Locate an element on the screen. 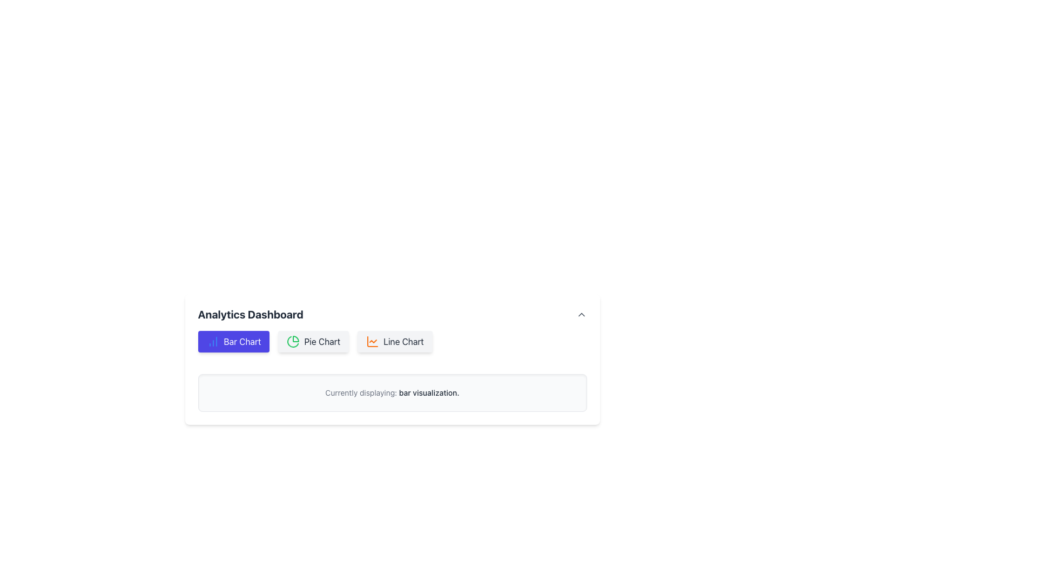  the 'Line Chart' button in the 'Analytics Dashboard' is located at coordinates (394, 341).